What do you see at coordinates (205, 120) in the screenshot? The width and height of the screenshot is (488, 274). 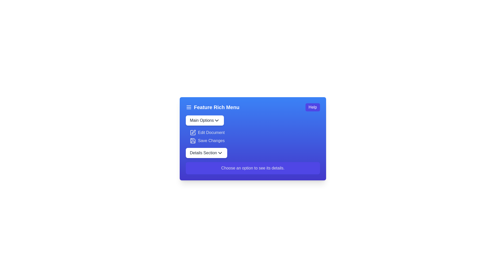 I see `the 'Main Options' dropdown button located at the top-left section of the card component` at bounding box center [205, 120].